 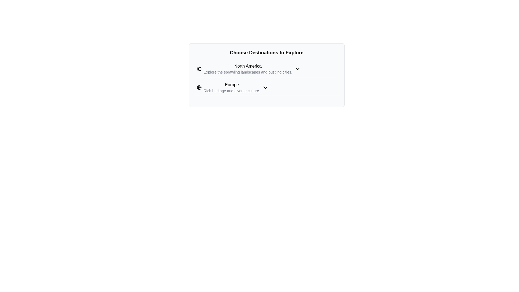 What do you see at coordinates (267, 78) in the screenshot?
I see `the downward-facing arrow on the 'North America' section of the composite UI element labeled 'Choose Destinations` at bounding box center [267, 78].